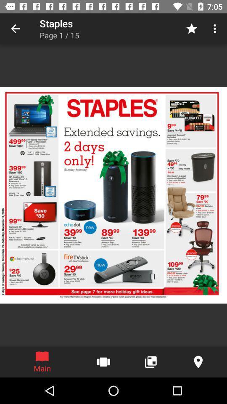 The width and height of the screenshot is (227, 404). I want to click on the item next to page 1 / 15 icon, so click(191, 29).